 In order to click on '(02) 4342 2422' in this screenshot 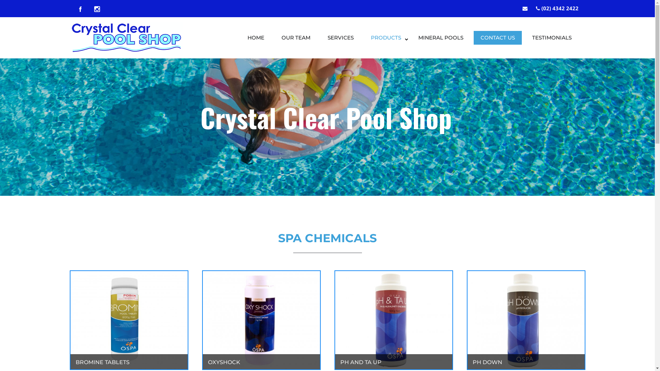, I will do `click(541, 8)`.